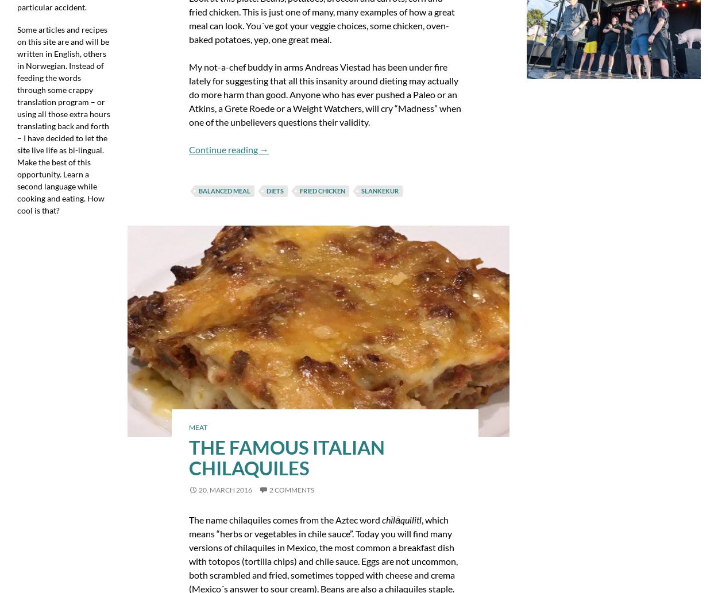 This screenshot has width=718, height=593. I want to click on 'The name chilaquiles comes from the Aztec word', so click(284, 518).